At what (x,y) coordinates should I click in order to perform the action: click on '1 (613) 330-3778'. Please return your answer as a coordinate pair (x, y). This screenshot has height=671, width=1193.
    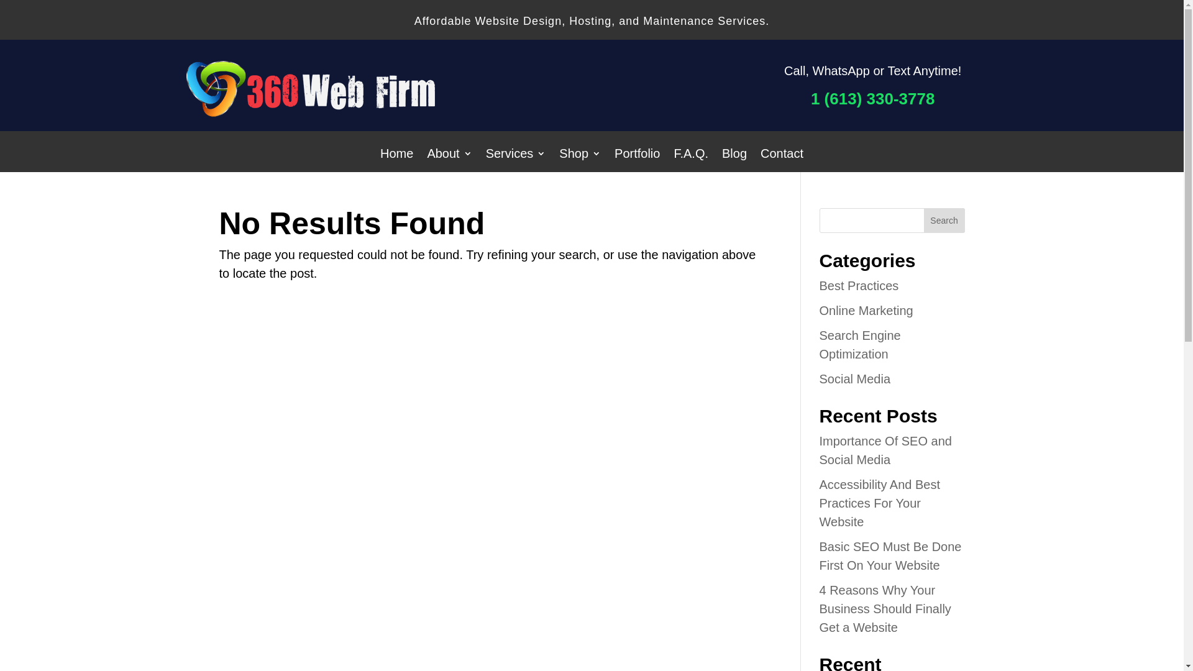
    Looking at the image, I should click on (811, 98).